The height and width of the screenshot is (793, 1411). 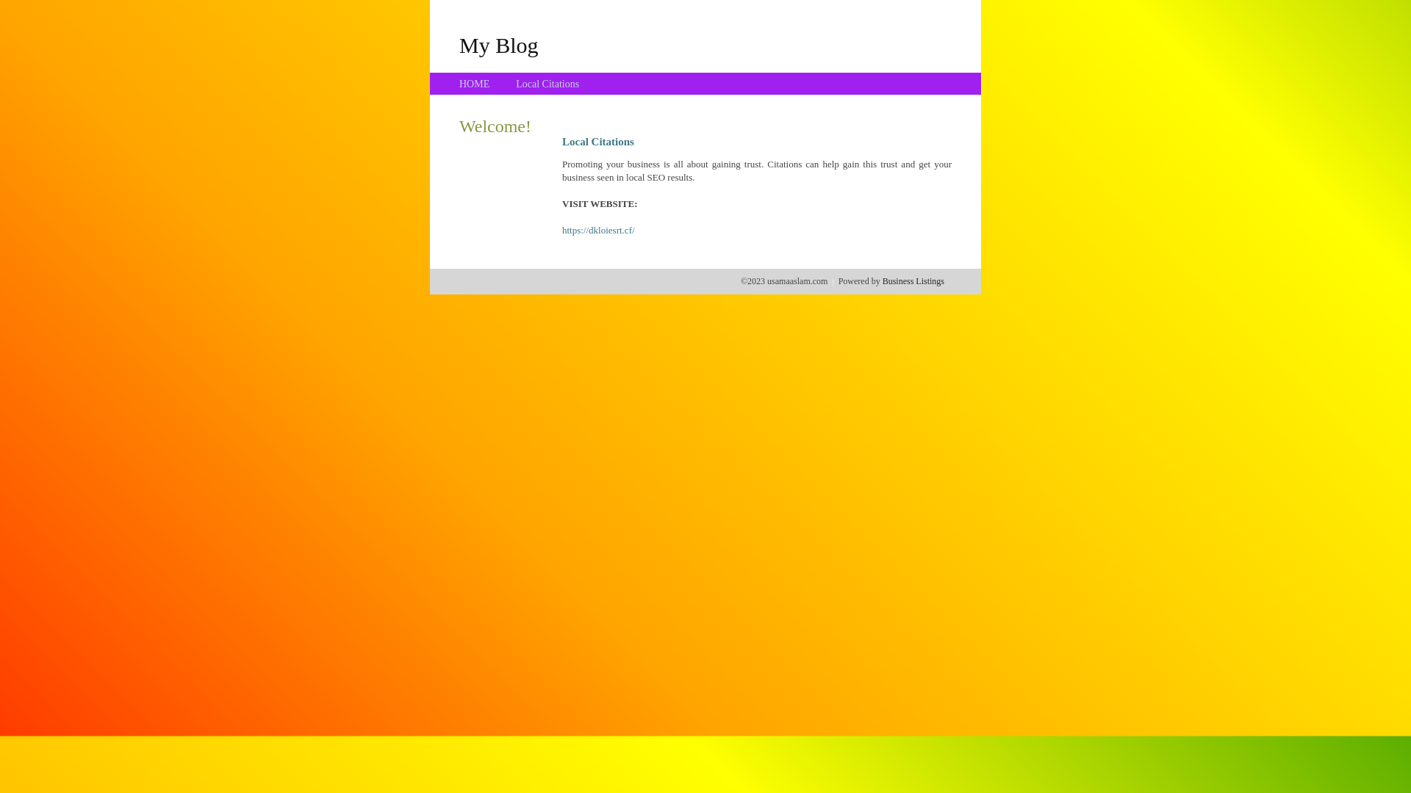 I want to click on 'Local Citations', so click(x=515, y=84).